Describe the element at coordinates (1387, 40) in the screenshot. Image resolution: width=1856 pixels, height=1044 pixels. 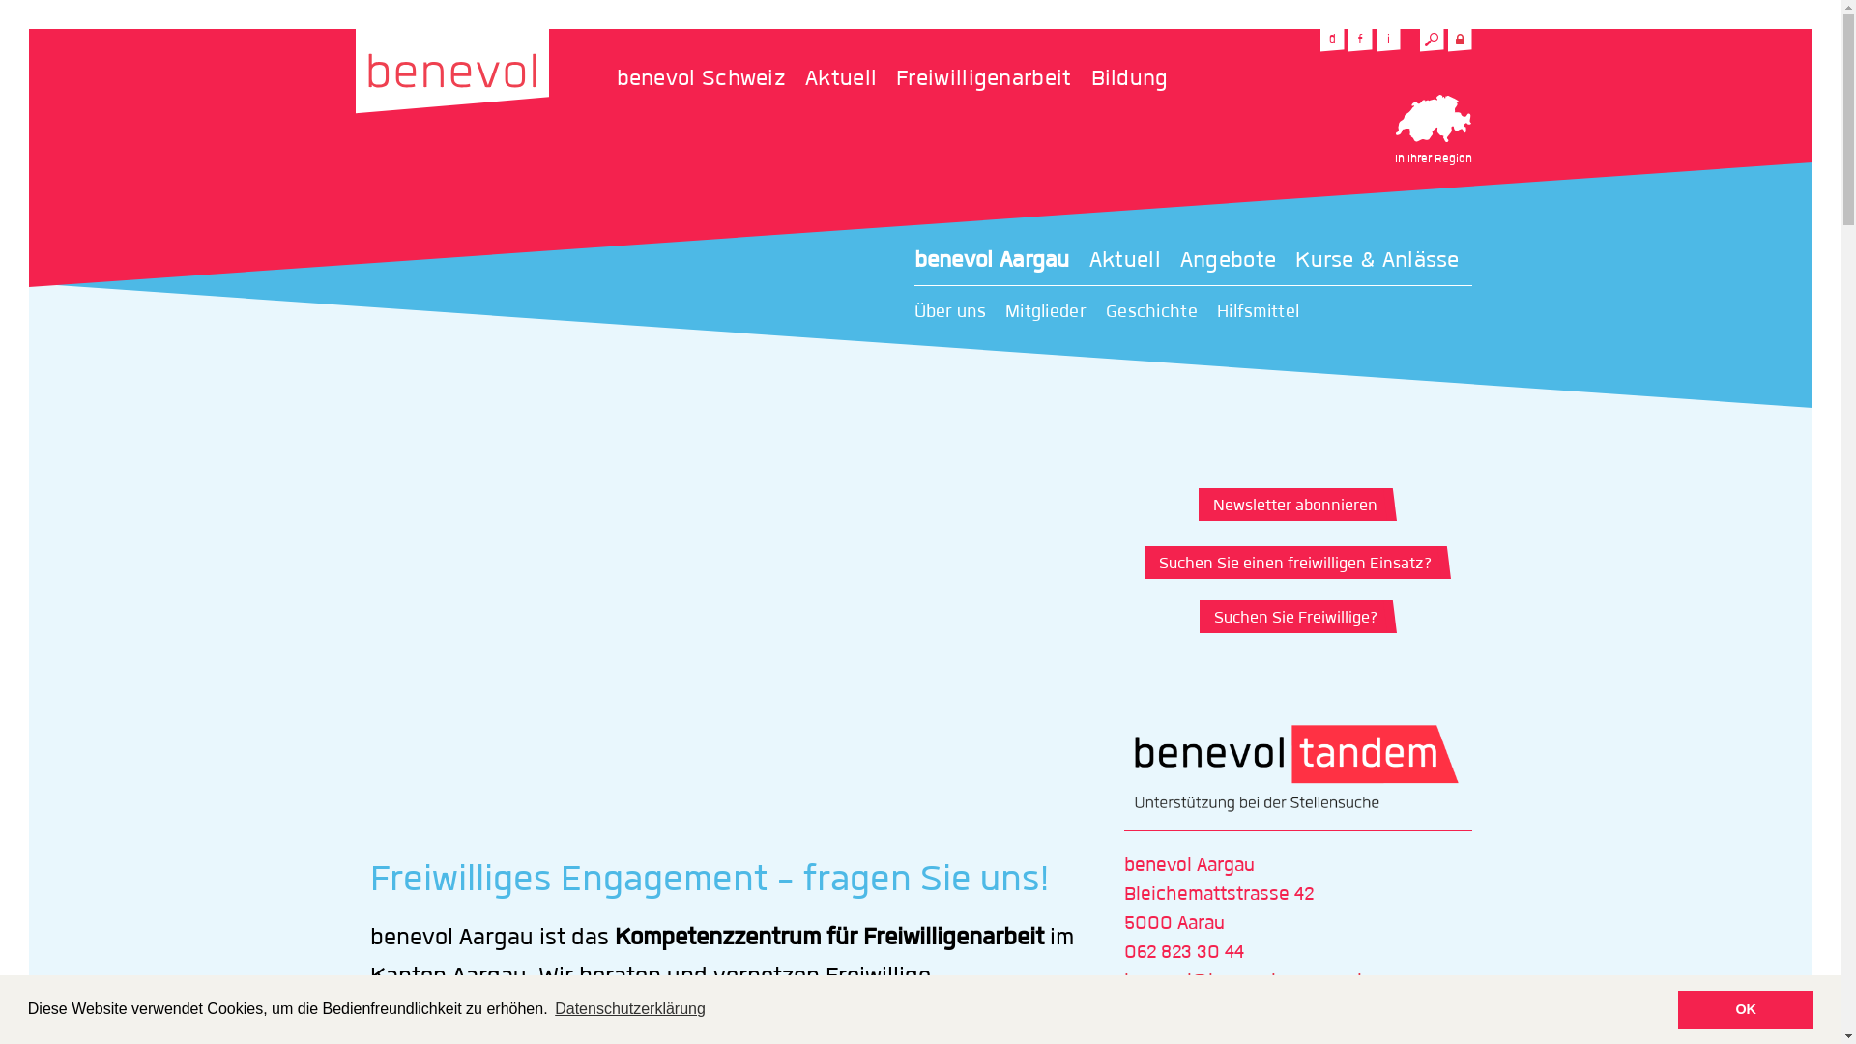
I see `'i'` at that location.